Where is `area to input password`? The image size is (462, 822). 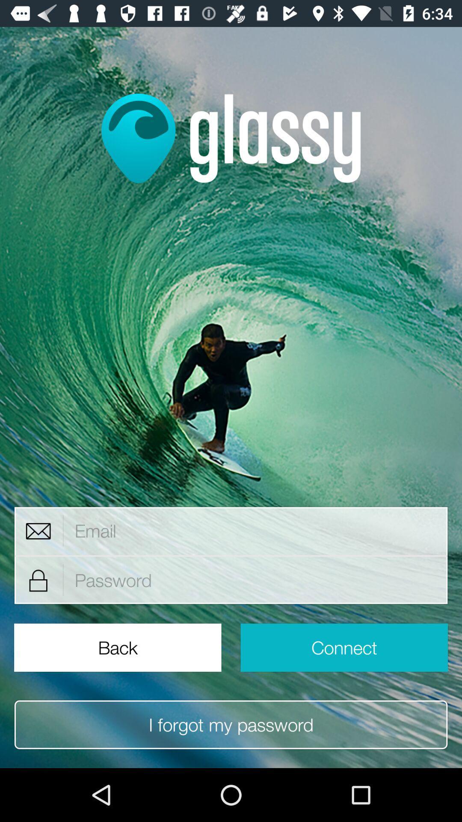 area to input password is located at coordinates (255, 580).